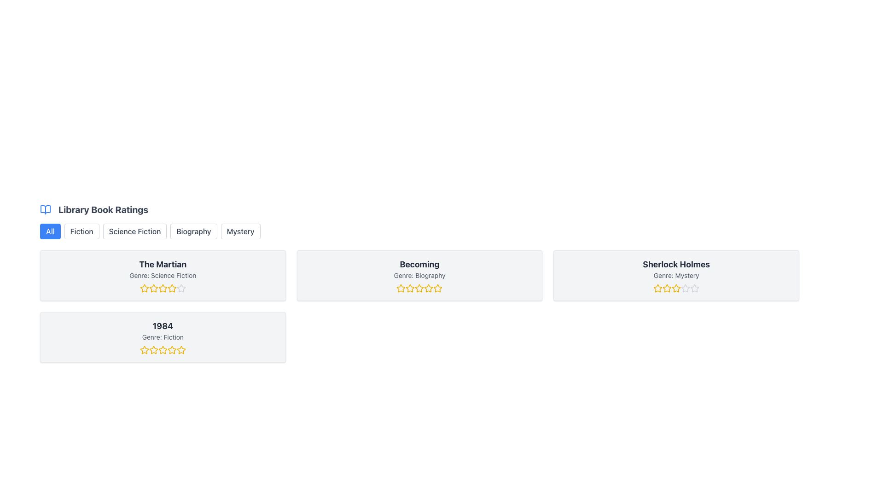 Image resolution: width=884 pixels, height=497 pixels. Describe the element at coordinates (667, 288) in the screenshot. I see `the third star from the left in the ratings section below the 'Sherlock Holmes' card to adjust the rating` at that location.